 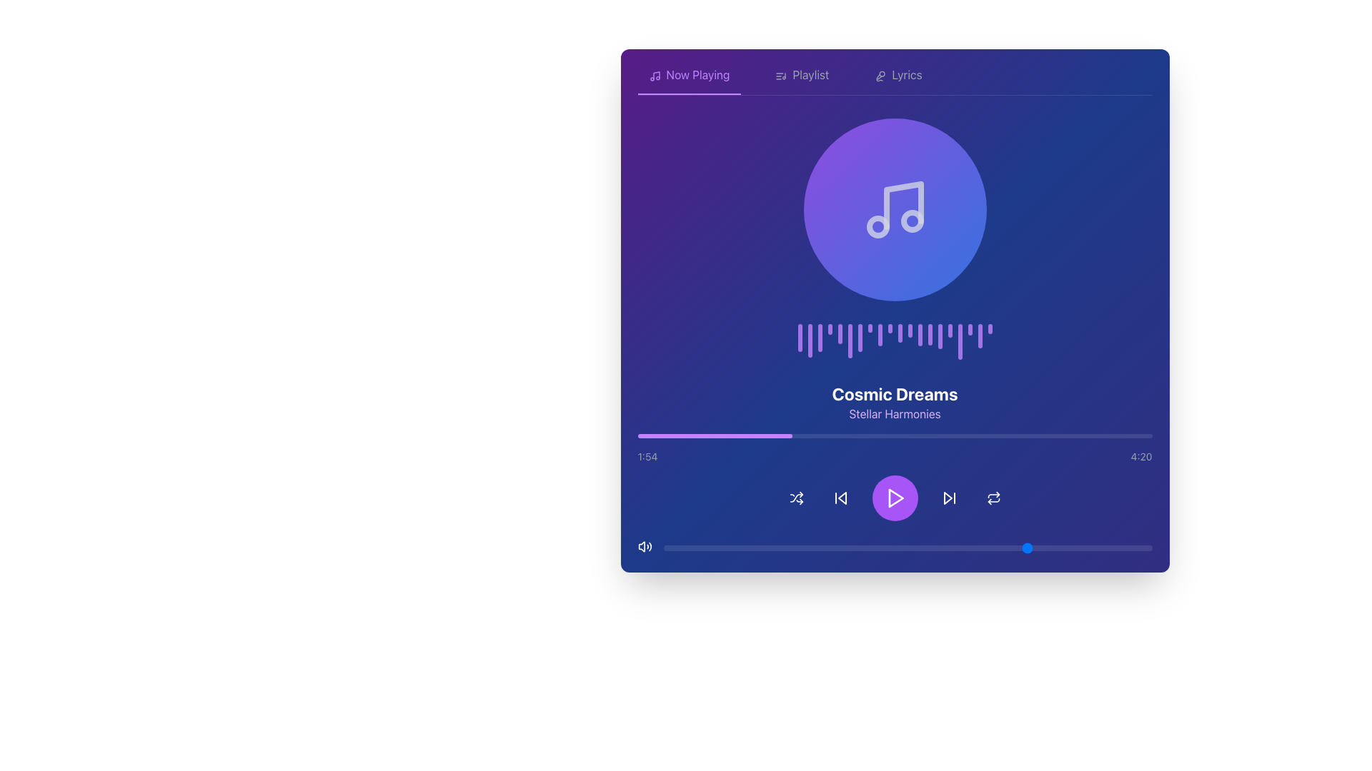 I want to click on the sixth vertical purple bar, which is part of a waveform visualizer, located below the music note icon, so click(x=850, y=341).